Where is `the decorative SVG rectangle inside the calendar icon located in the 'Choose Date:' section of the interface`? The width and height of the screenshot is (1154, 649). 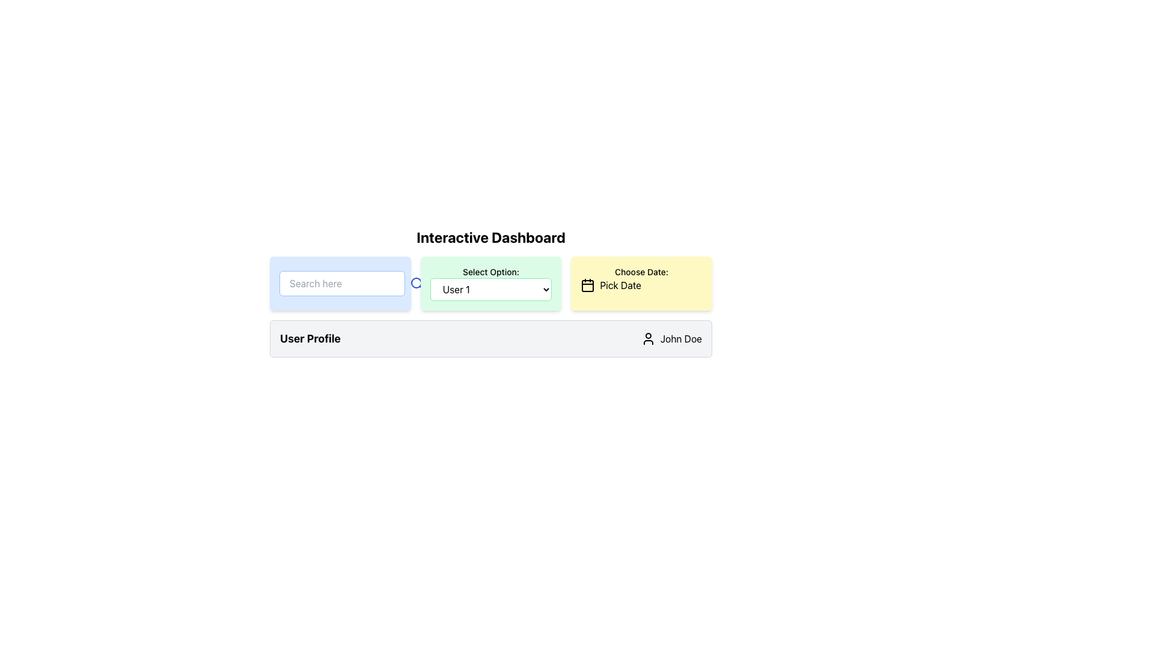
the decorative SVG rectangle inside the calendar icon located in the 'Choose Date:' section of the interface is located at coordinates (588, 285).